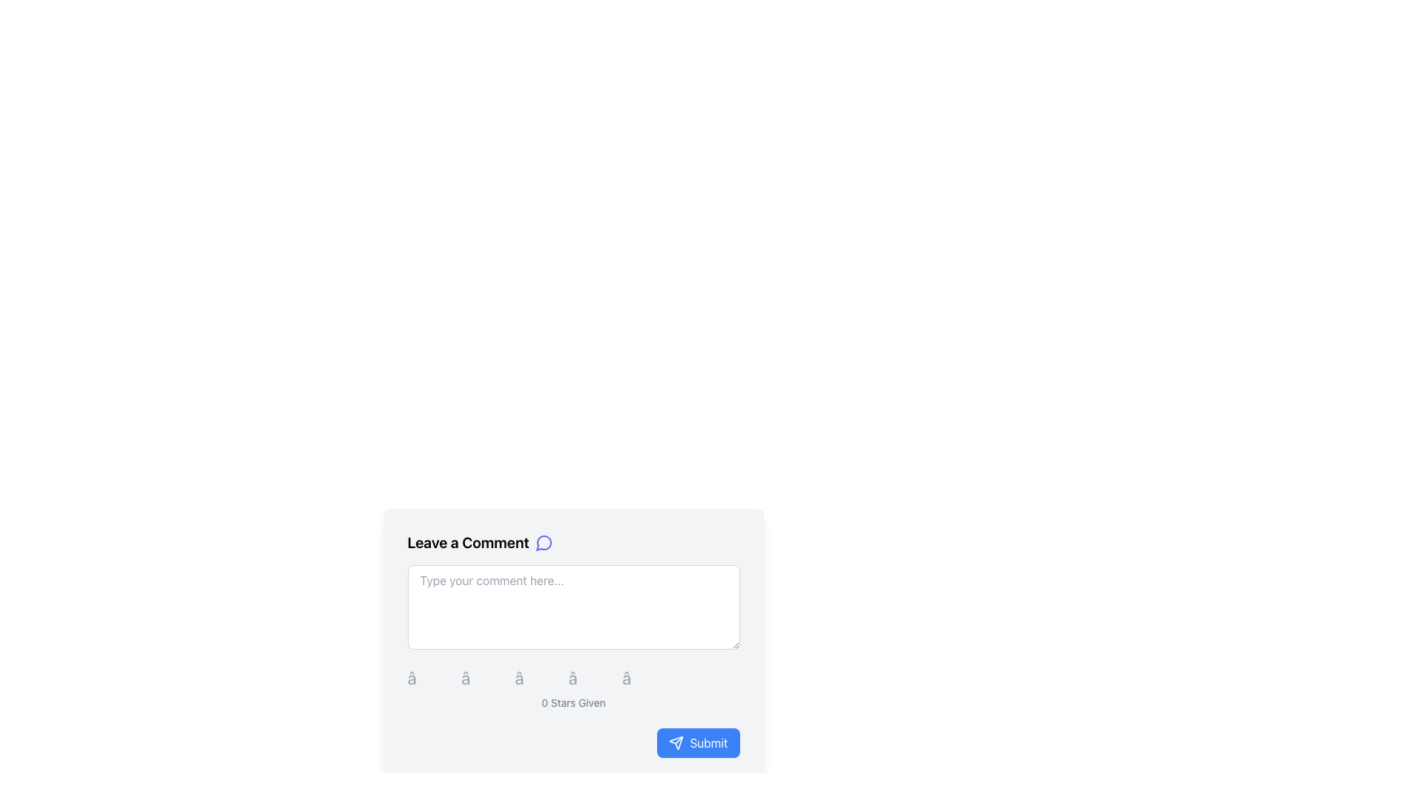 The width and height of the screenshot is (1424, 801). I want to click on the Submit button located at the bottom-right of the user interface that contains the submission icon, so click(676, 743).